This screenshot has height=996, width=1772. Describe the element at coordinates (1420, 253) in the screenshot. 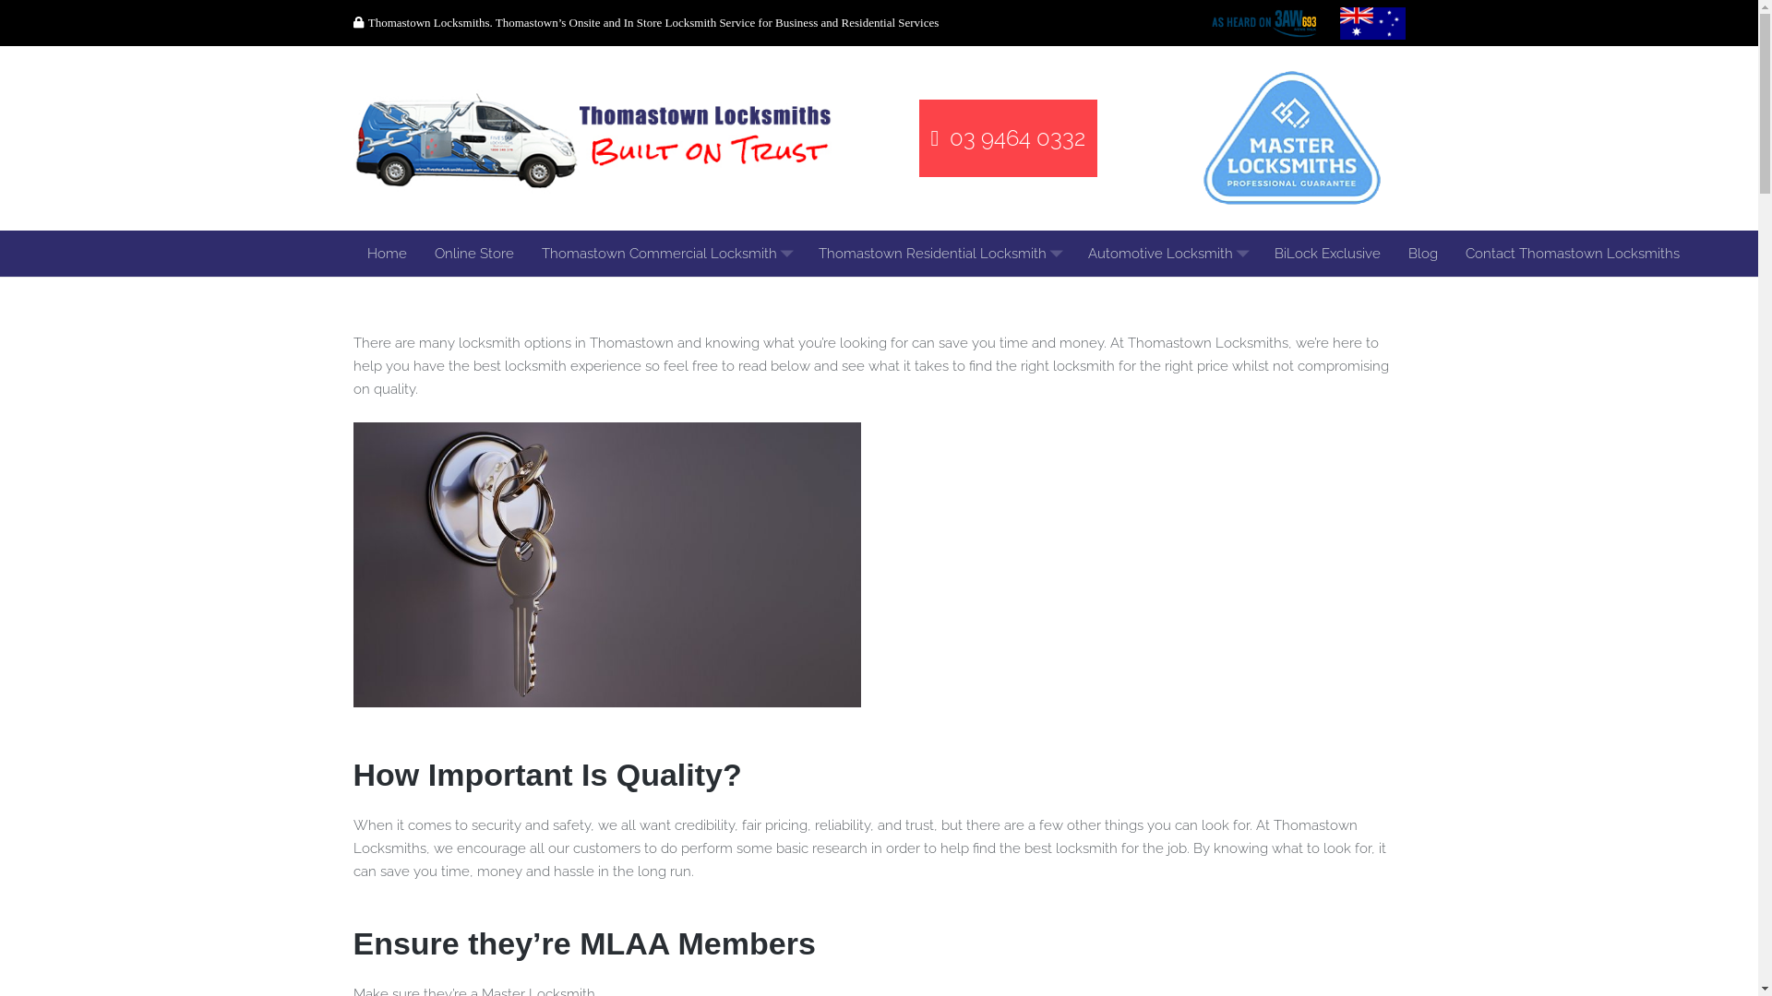

I see `'Blog'` at that location.